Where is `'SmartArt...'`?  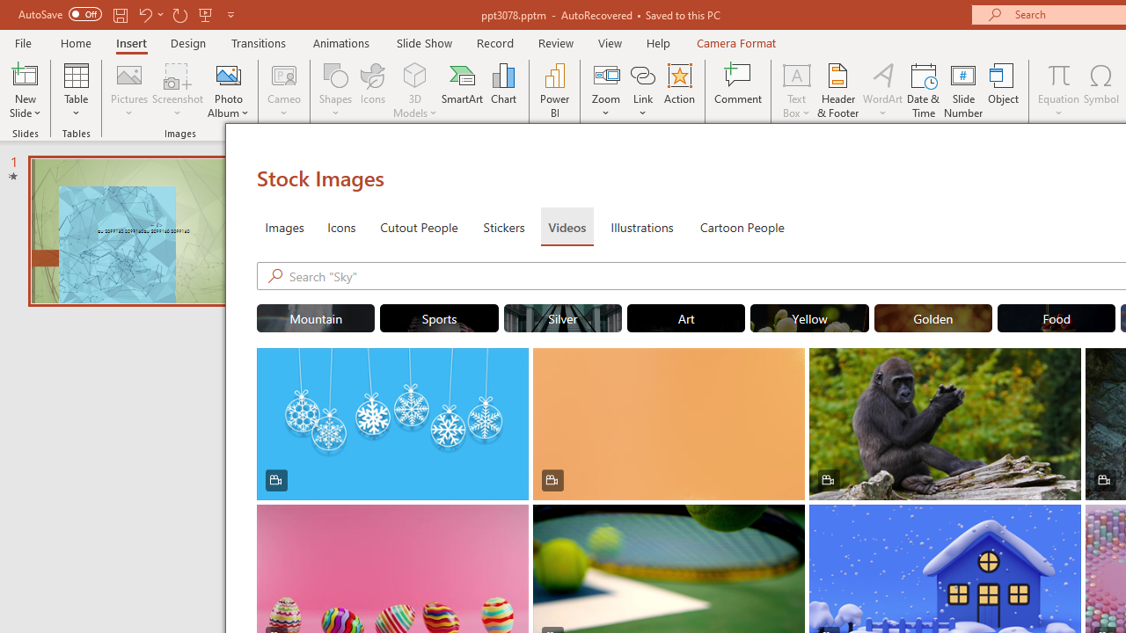 'SmartArt...' is located at coordinates (463, 91).